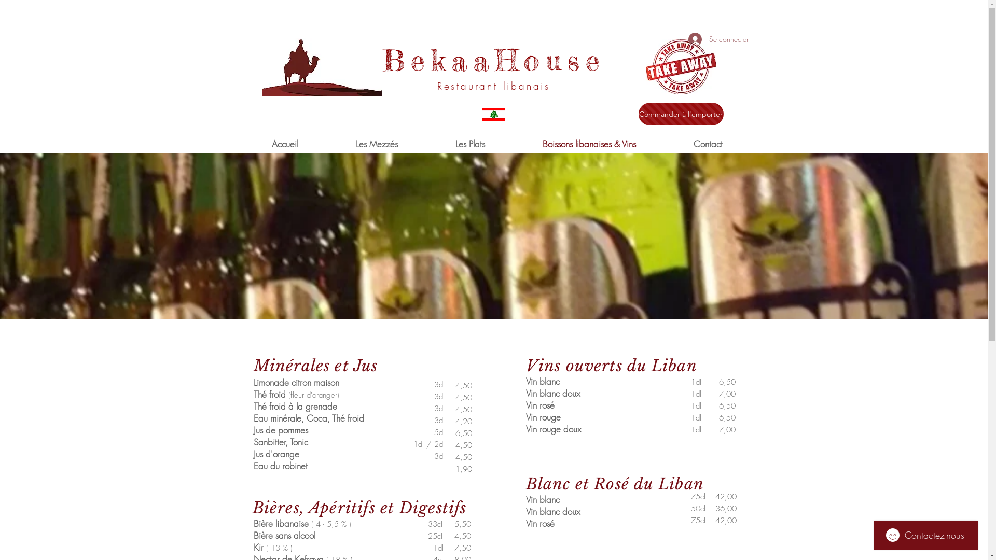 The image size is (996, 560). Describe the element at coordinates (680, 39) in the screenshot. I see `'Se connecter'` at that location.